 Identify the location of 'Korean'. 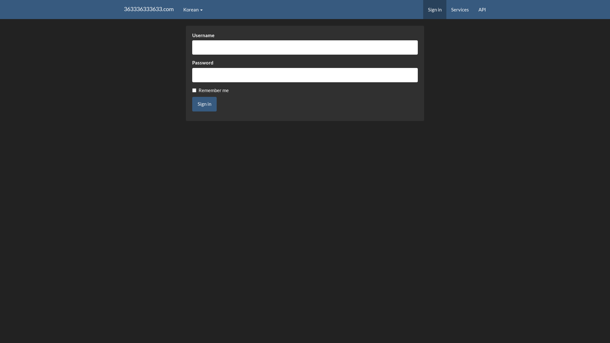
(193, 10).